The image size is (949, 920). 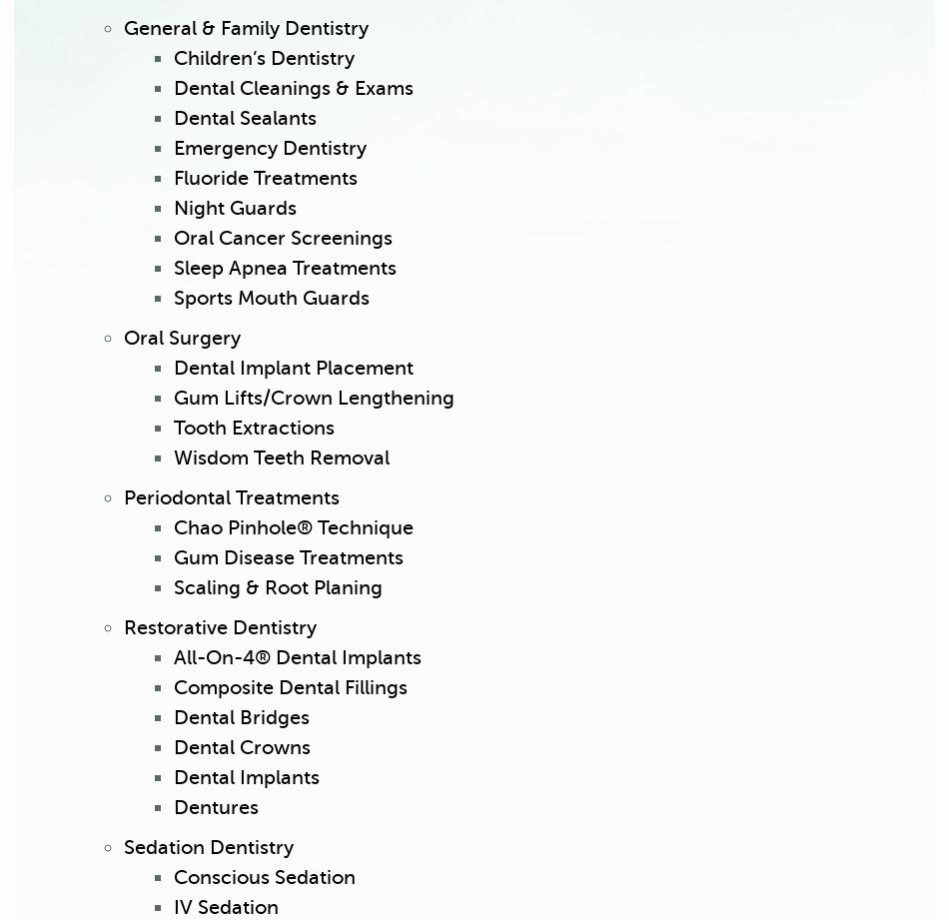 What do you see at coordinates (209, 846) in the screenshot?
I see `'Sedation Dentistry'` at bounding box center [209, 846].